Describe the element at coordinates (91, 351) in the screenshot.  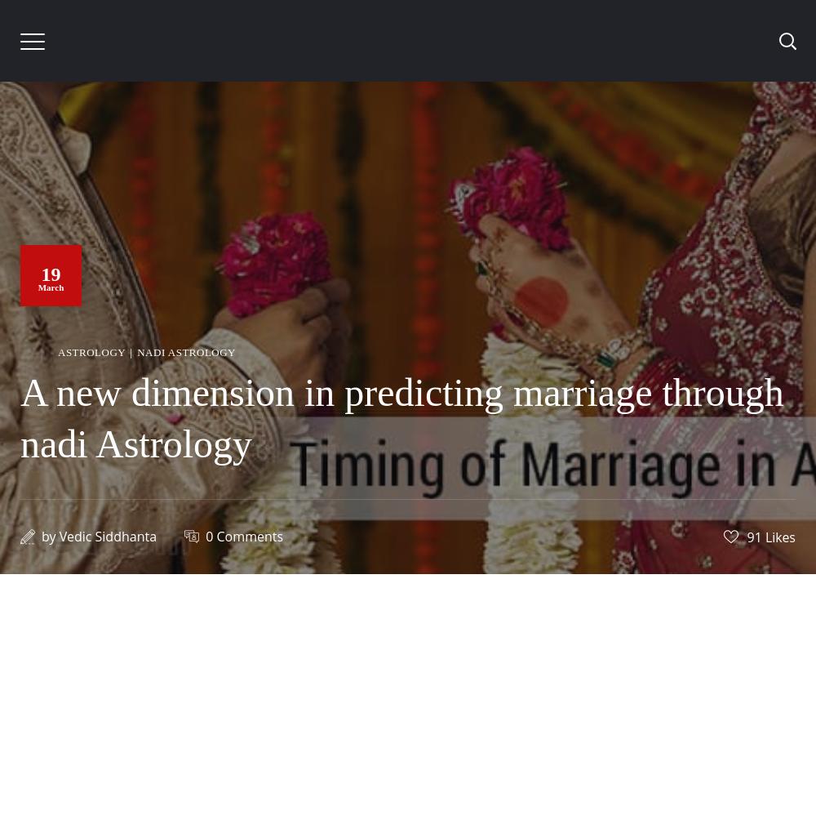
I see `'Astrology'` at that location.